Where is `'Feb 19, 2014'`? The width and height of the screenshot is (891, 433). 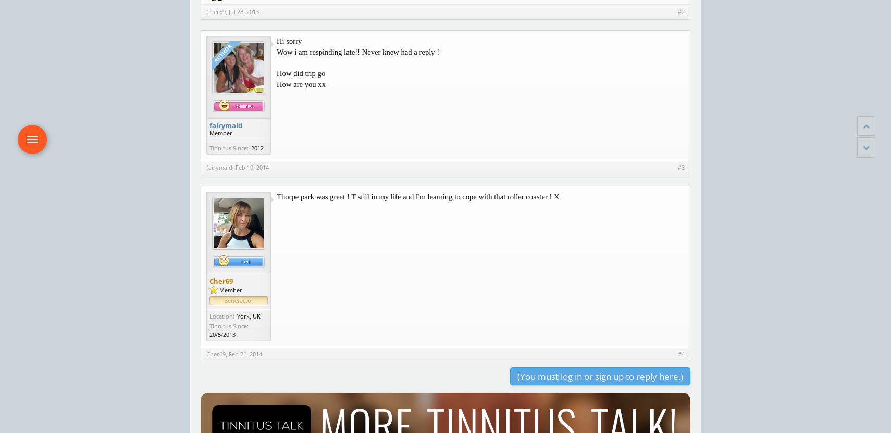
'Feb 19, 2014' is located at coordinates (235, 167).